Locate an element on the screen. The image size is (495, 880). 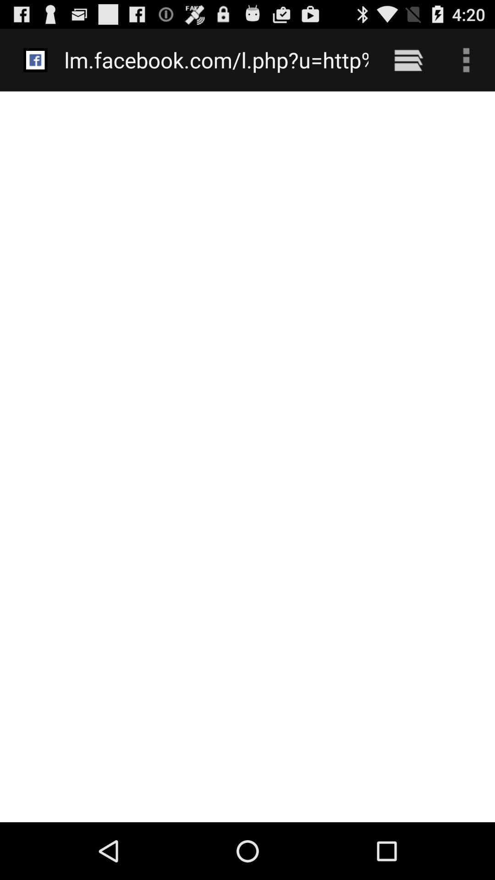
lm facebook com icon is located at coordinates (216, 60).